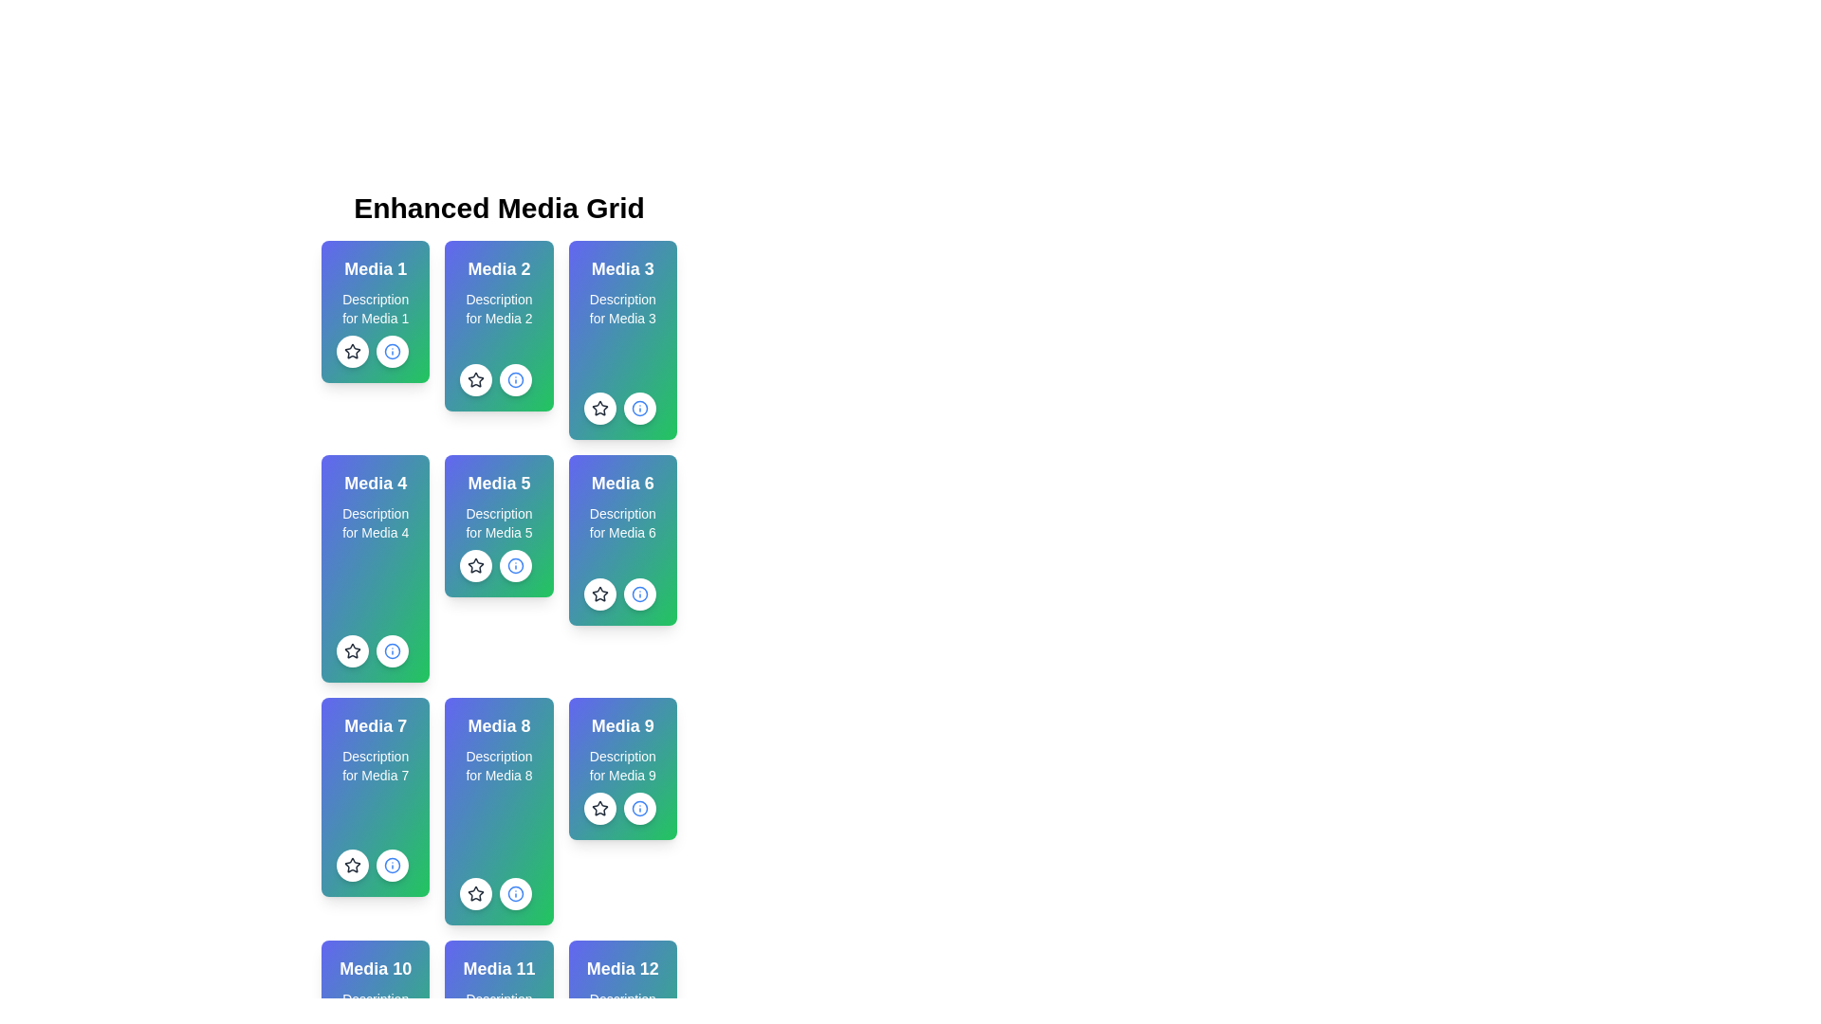 The image size is (1821, 1024). Describe the element at coordinates (516, 893) in the screenshot. I see `the blue circular icon with an 'i' symbol located in the bottom-right corner of the card labeled 'Media 8'` at that location.